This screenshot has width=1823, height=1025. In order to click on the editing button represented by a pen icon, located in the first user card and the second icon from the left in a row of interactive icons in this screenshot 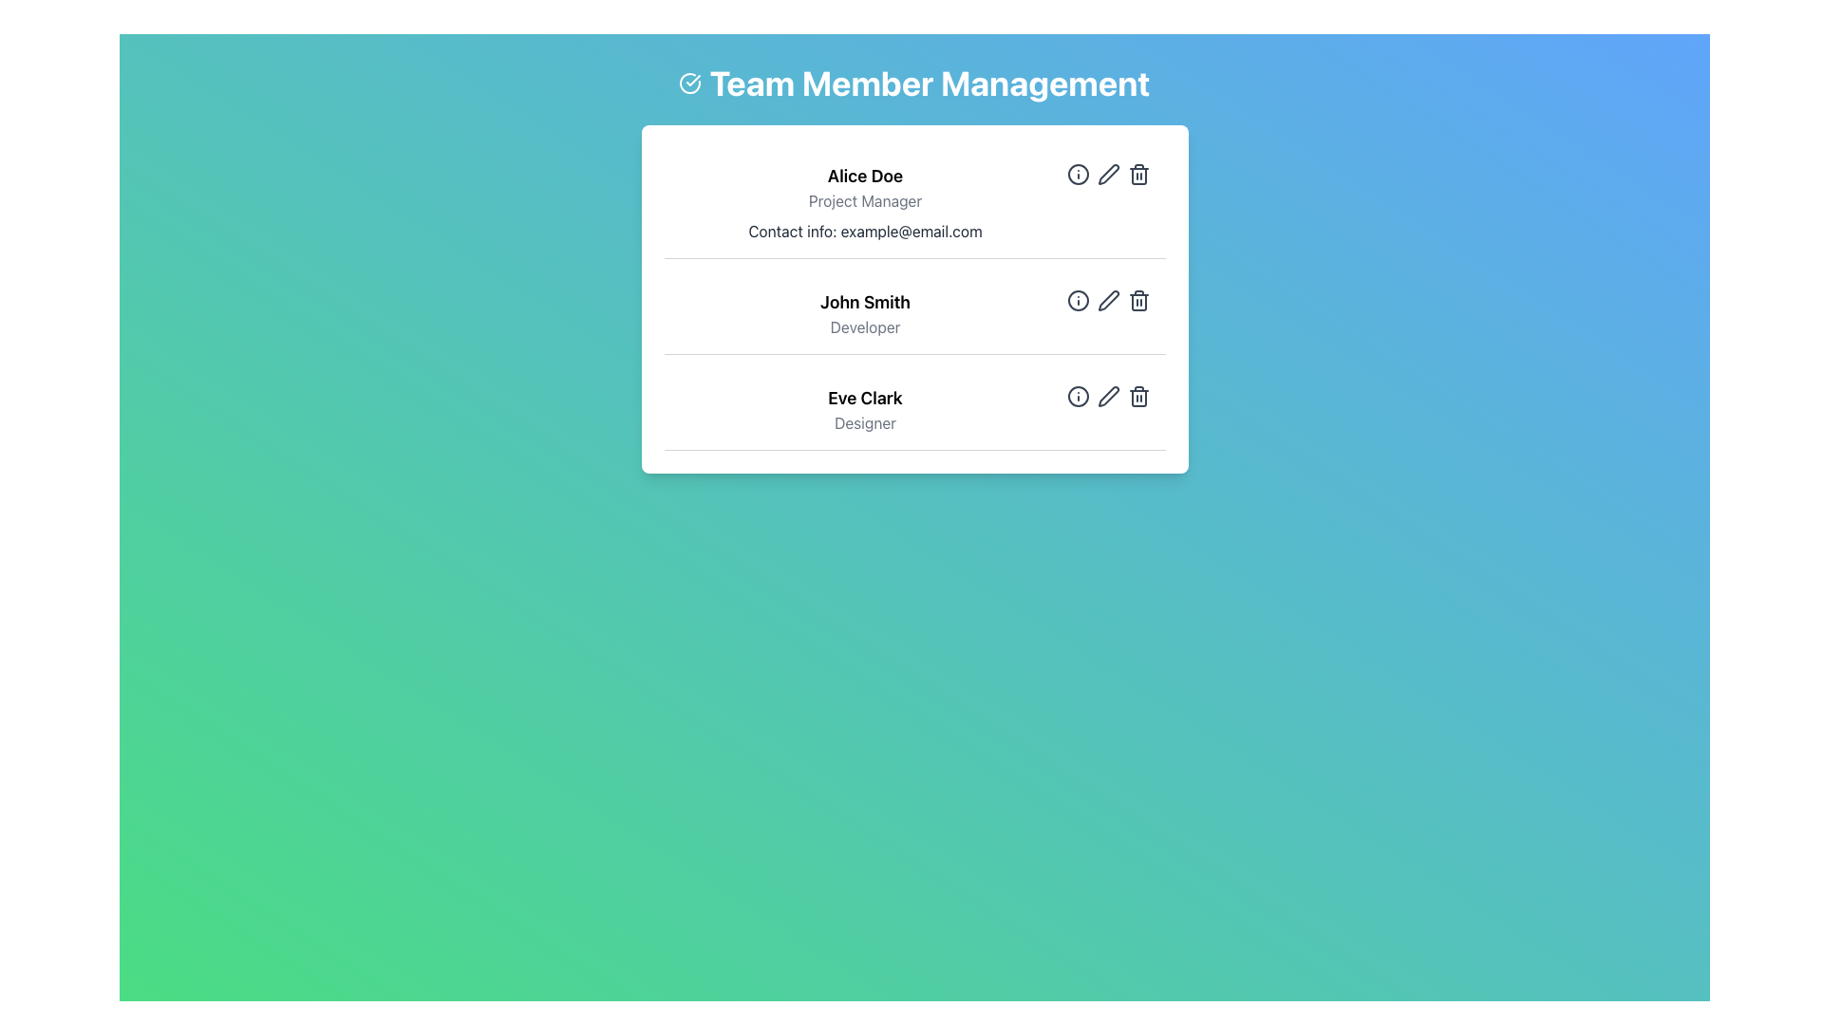, I will do `click(1108, 175)`.